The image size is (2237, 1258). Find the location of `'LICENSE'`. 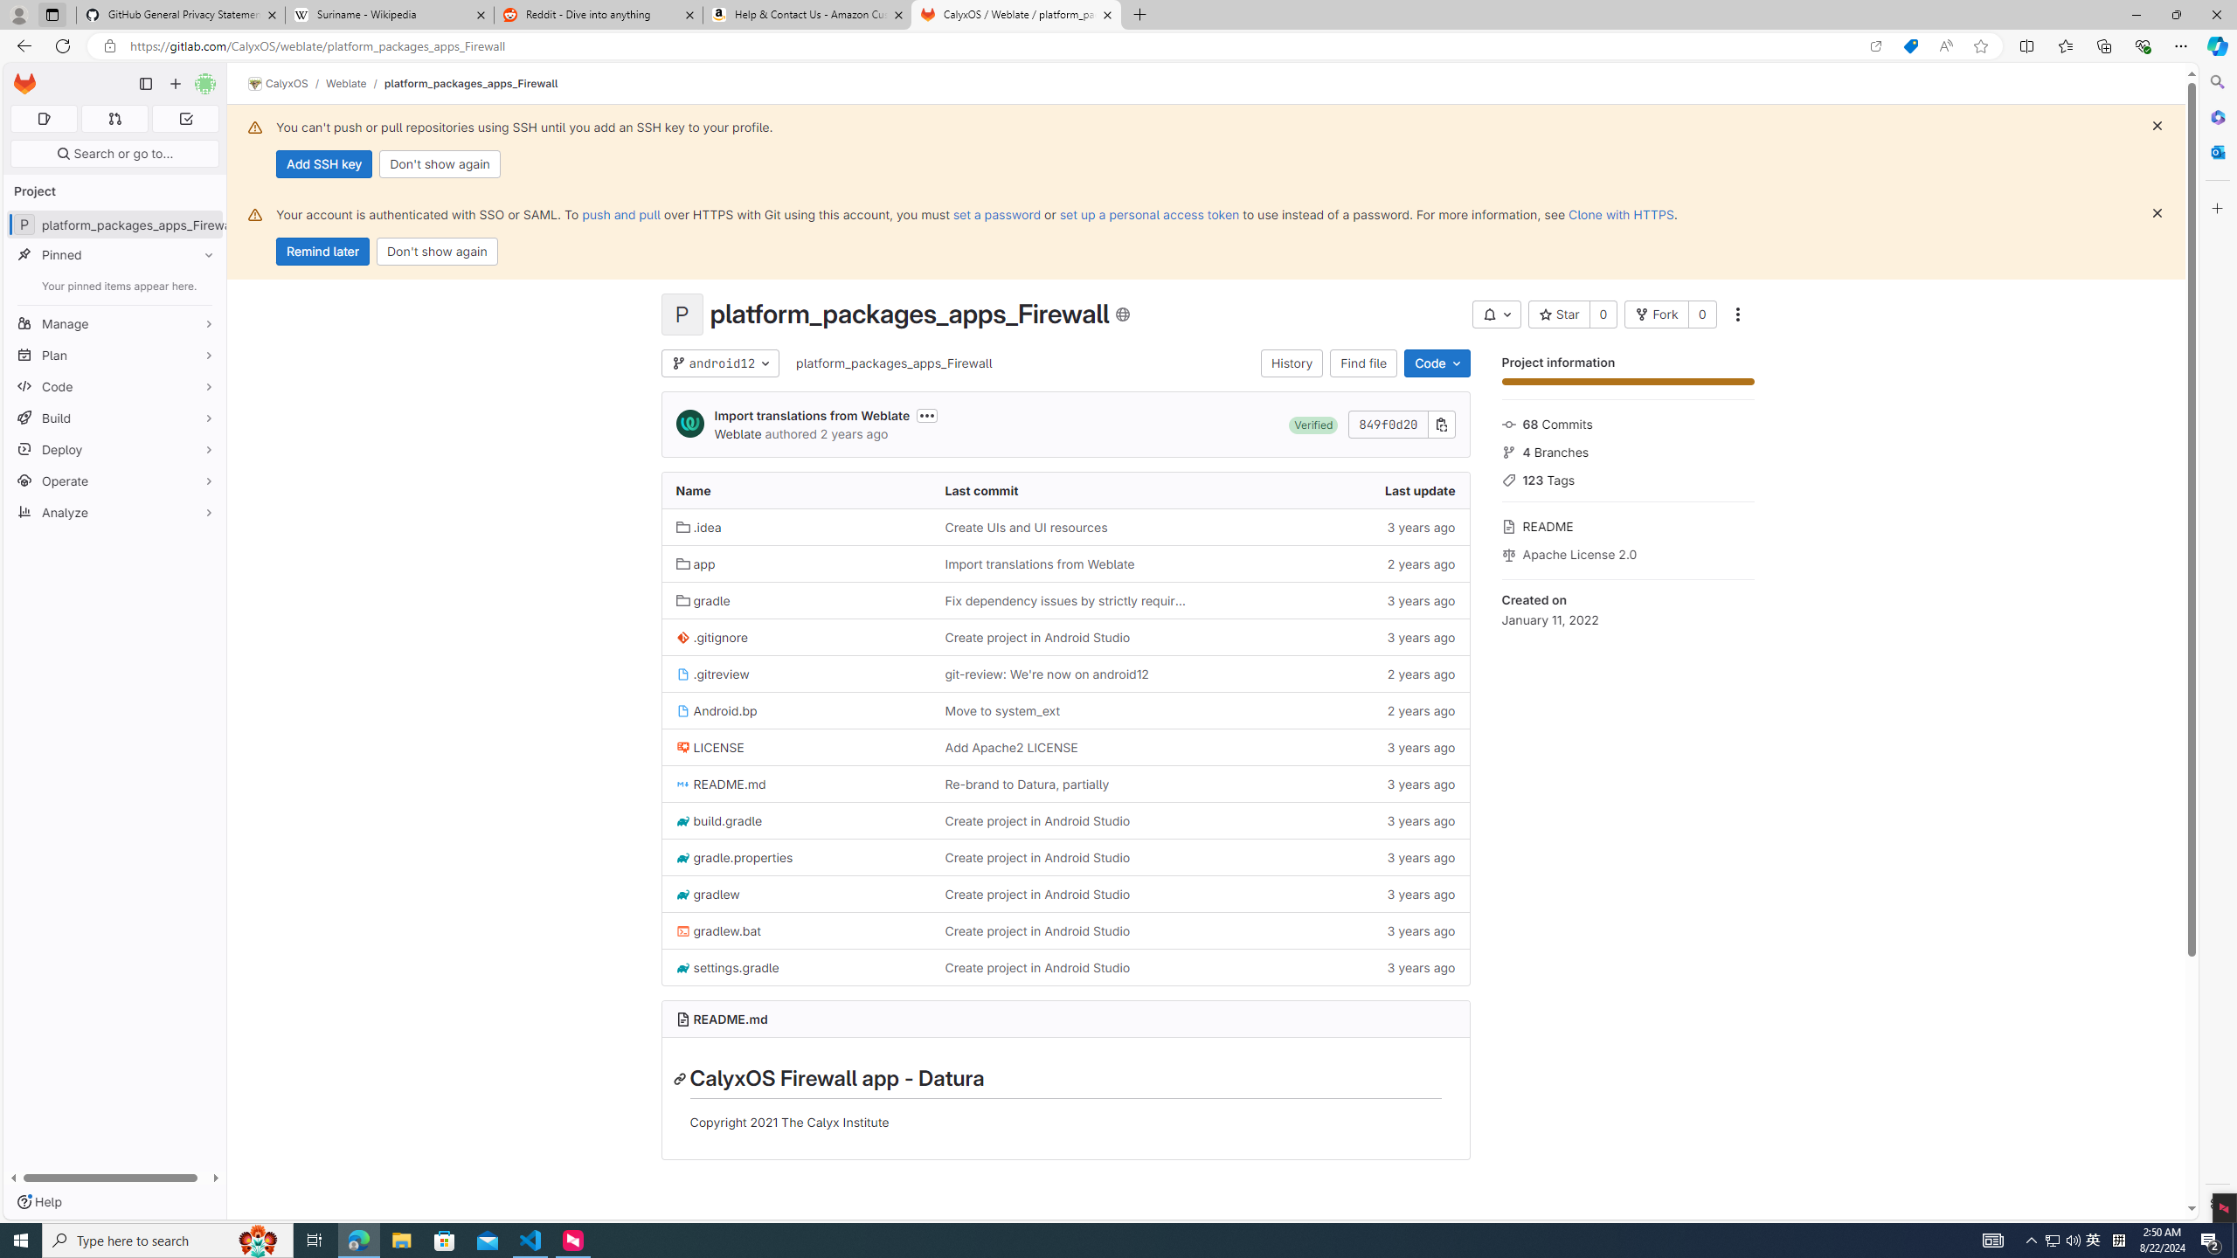

'LICENSE' is located at coordinates (795, 746).